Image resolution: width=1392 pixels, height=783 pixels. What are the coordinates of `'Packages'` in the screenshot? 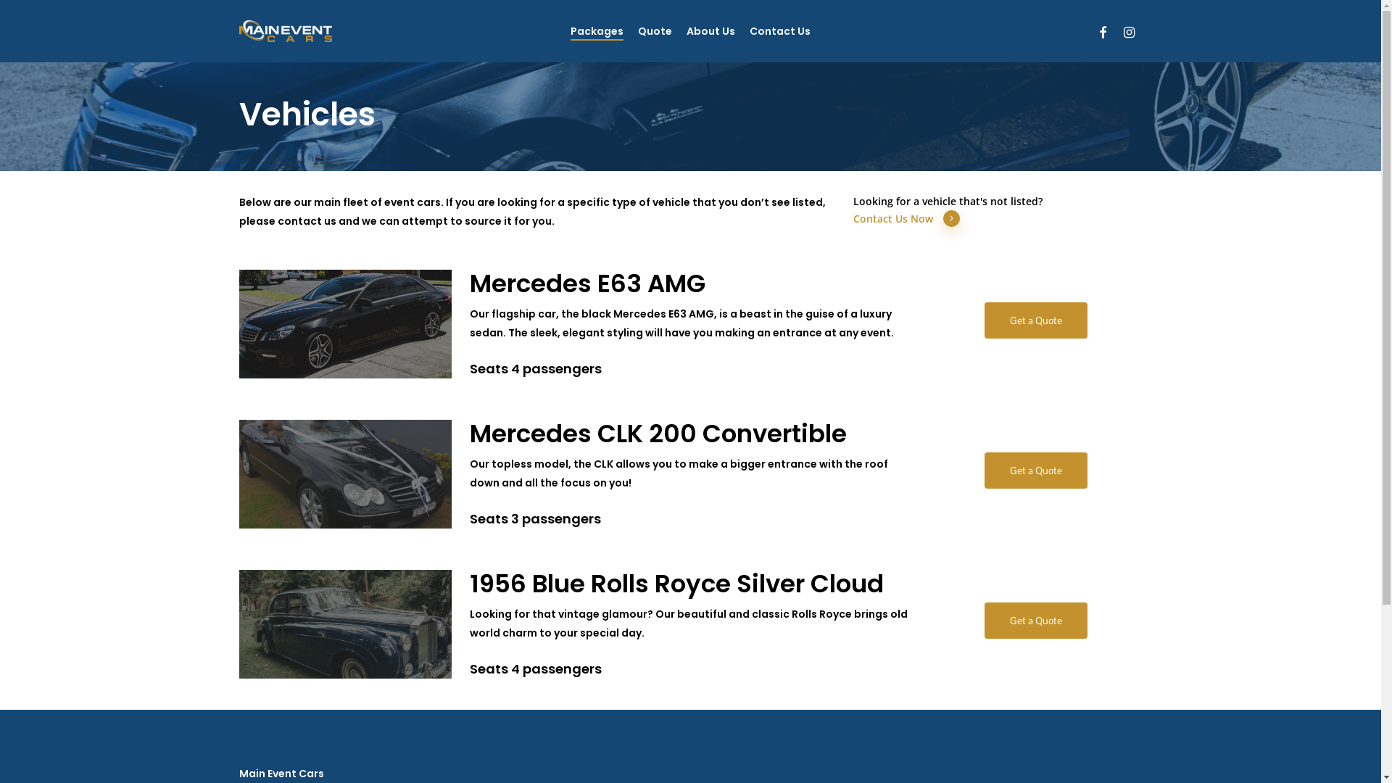 It's located at (597, 30).